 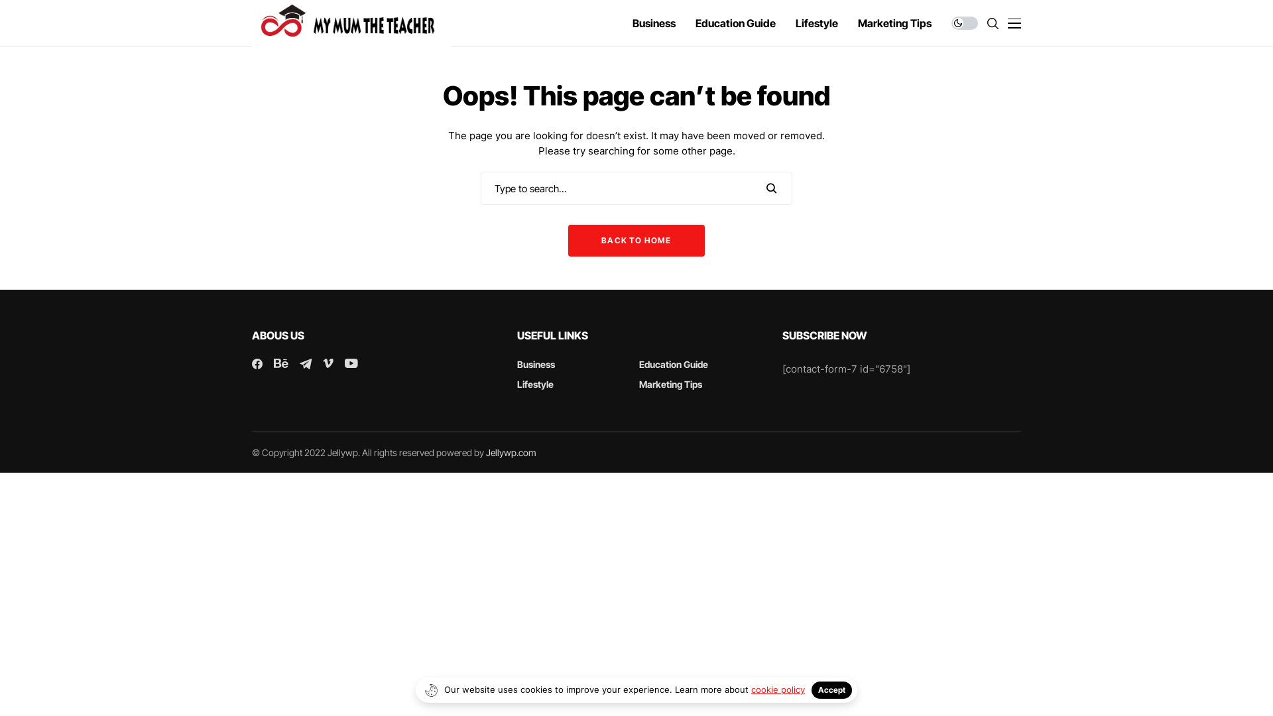 What do you see at coordinates (485, 451) in the screenshot?
I see `'Jellywp.com'` at bounding box center [485, 451].